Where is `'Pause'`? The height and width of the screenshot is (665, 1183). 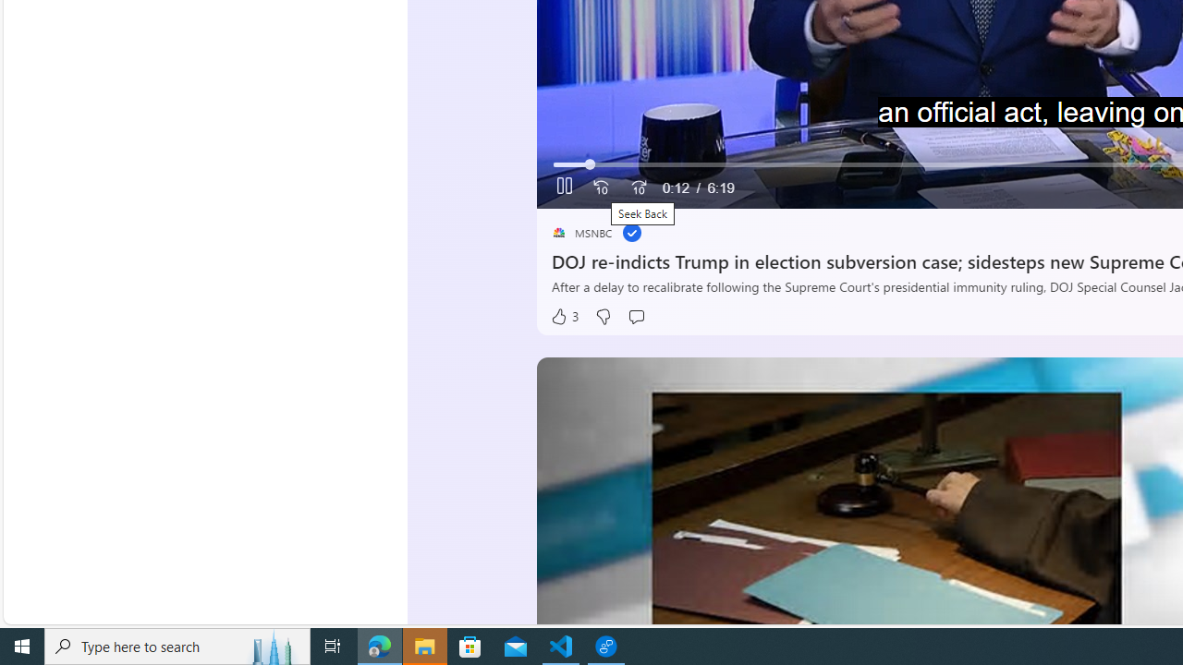
'Pause' is located at coordinates (564, 187).